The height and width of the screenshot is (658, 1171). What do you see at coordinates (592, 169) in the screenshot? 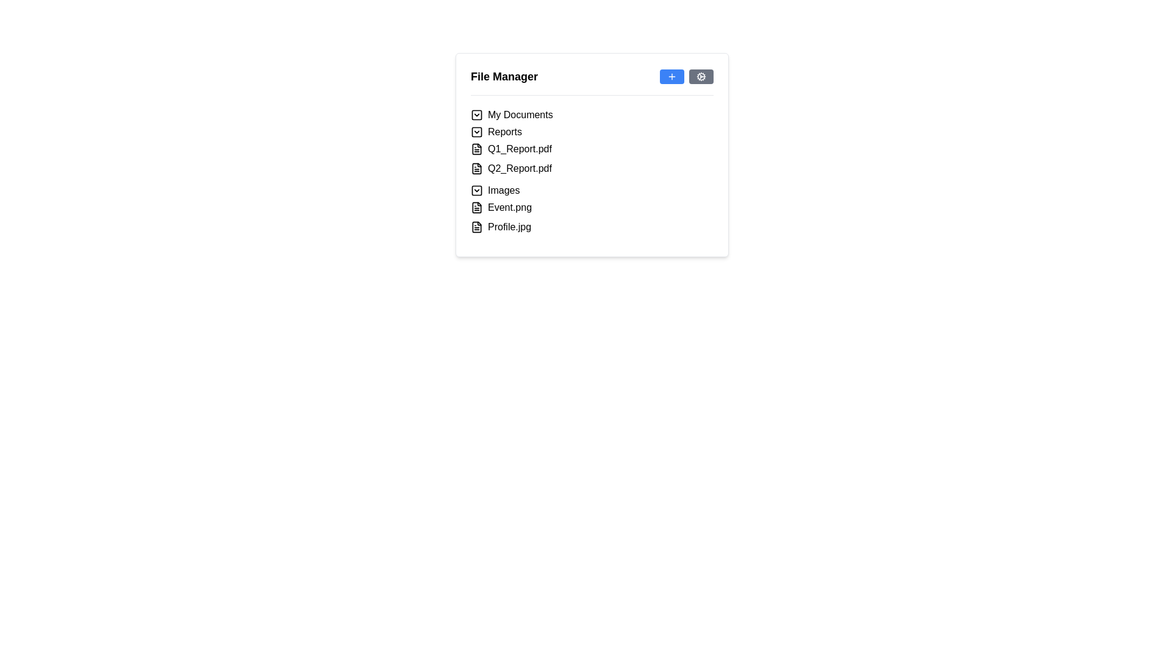
I see `the selectable file entry named 'Q2_Report.pdf' located in the 'Reports' section of the file manager UI` at bounding box center [592, 169].